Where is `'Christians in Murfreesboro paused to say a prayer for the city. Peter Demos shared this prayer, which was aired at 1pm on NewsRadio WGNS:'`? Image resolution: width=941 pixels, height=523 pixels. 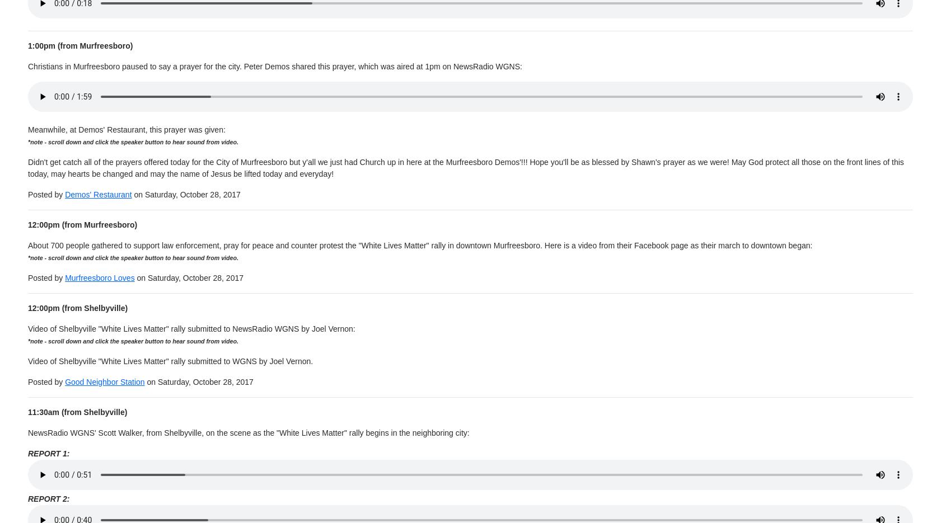
'Christians in Murfreesboro paused to say a prayer for the city. Peter Demos shared this prayer, which was aired at 1pm on NewsRadio WGNS:' is located at coordinates (27, 65).